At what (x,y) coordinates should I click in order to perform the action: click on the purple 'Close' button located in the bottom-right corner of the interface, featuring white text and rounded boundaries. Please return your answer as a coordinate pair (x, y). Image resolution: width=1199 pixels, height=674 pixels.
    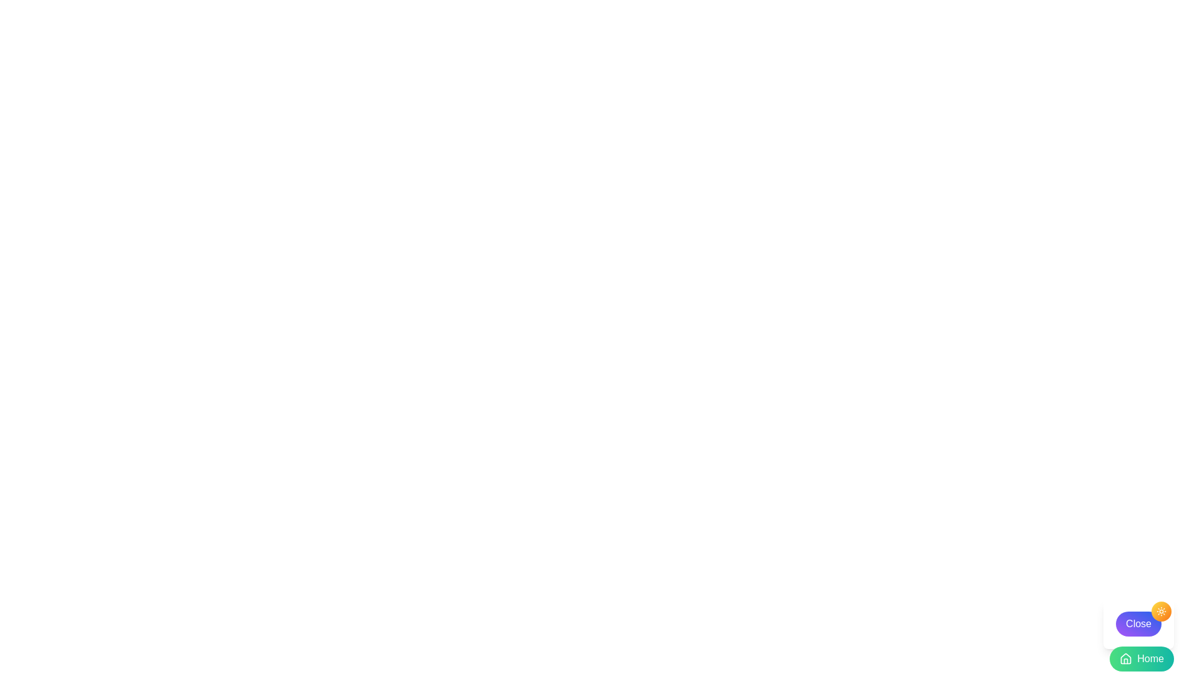
    Looking at the image, I should click on (1138, 623).